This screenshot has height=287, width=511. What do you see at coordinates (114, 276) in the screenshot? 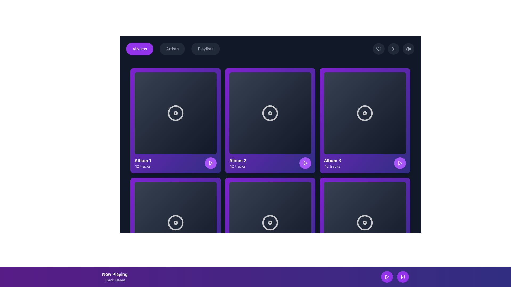
I see `information displayed in the Text Display located at the bottom-left corner of the application layout, which shows 'Now Playing' and 'Track Name'` at bounding box center [114, 276].